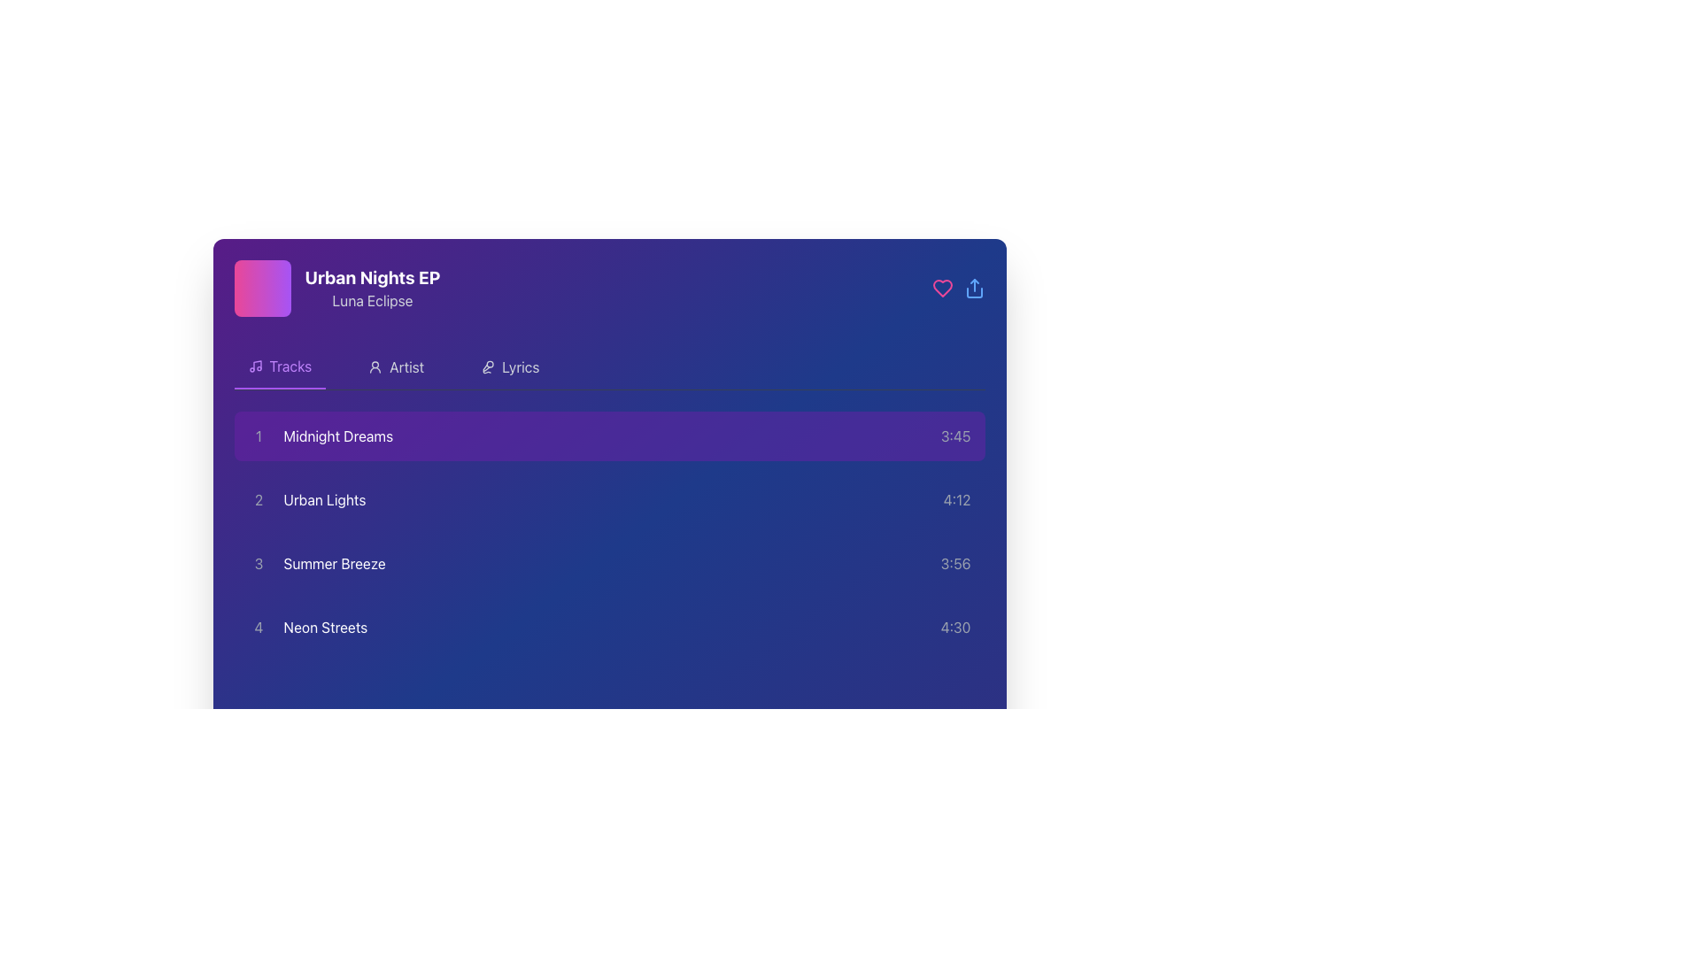 This screenshot has height=956, width=1700. I want to click on the 'Artist' text label located, so click(406, 366).